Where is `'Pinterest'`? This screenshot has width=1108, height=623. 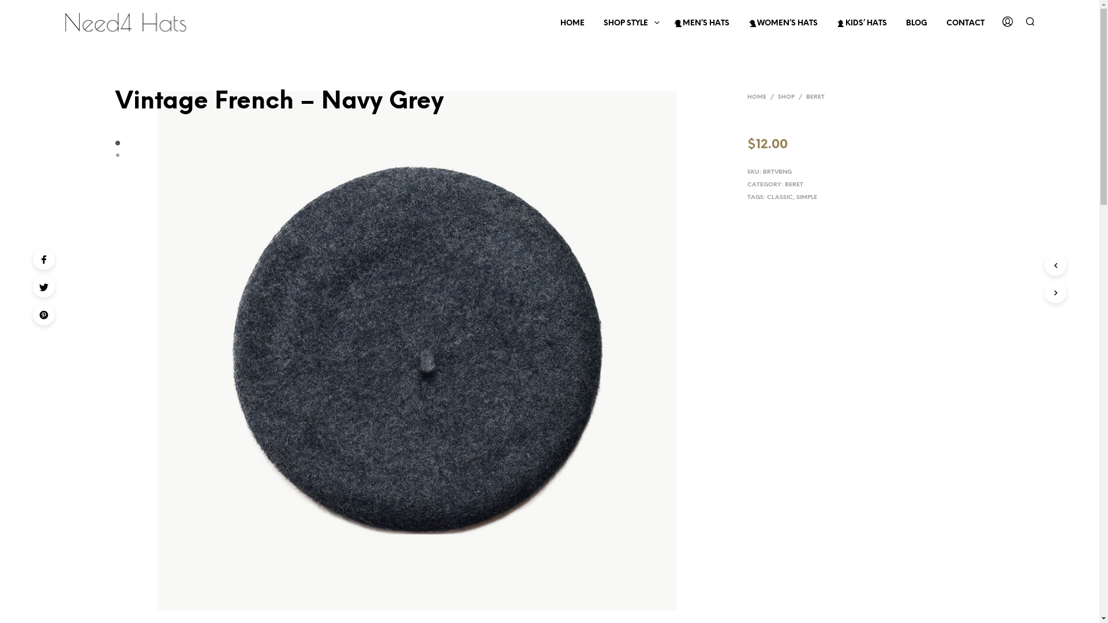
'Pinterest' is located at coordinates (44, 314).